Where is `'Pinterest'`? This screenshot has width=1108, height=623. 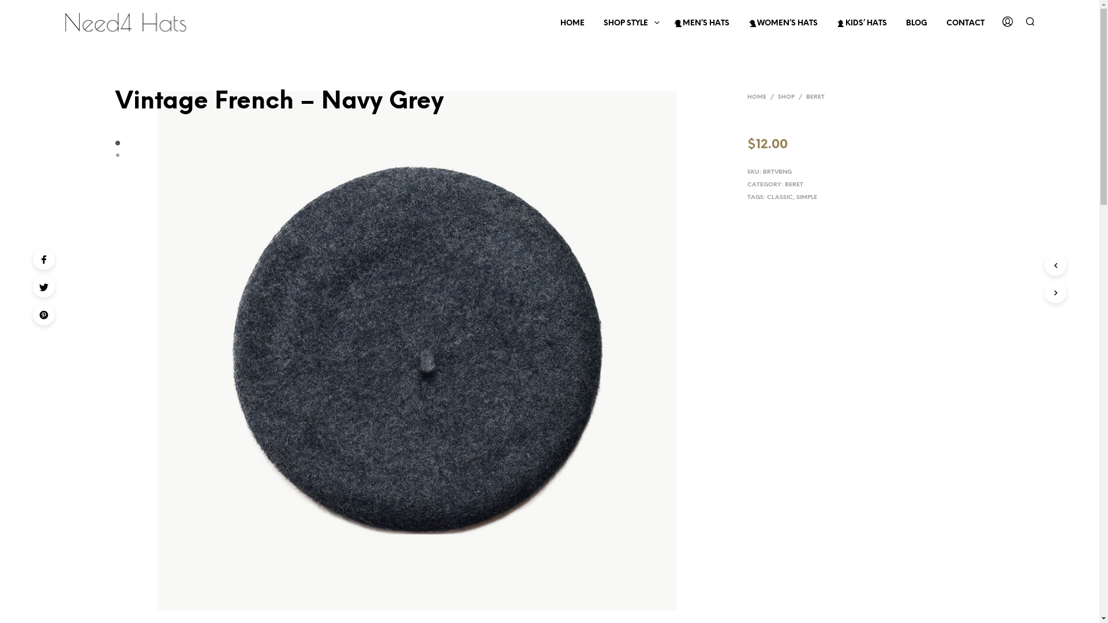
'Pinterest' is located at coordinates (44, 314).